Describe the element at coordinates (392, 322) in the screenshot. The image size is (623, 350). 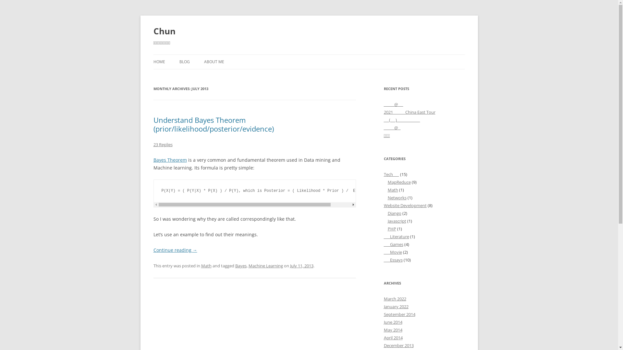
I see `'June 2014'` at that location.